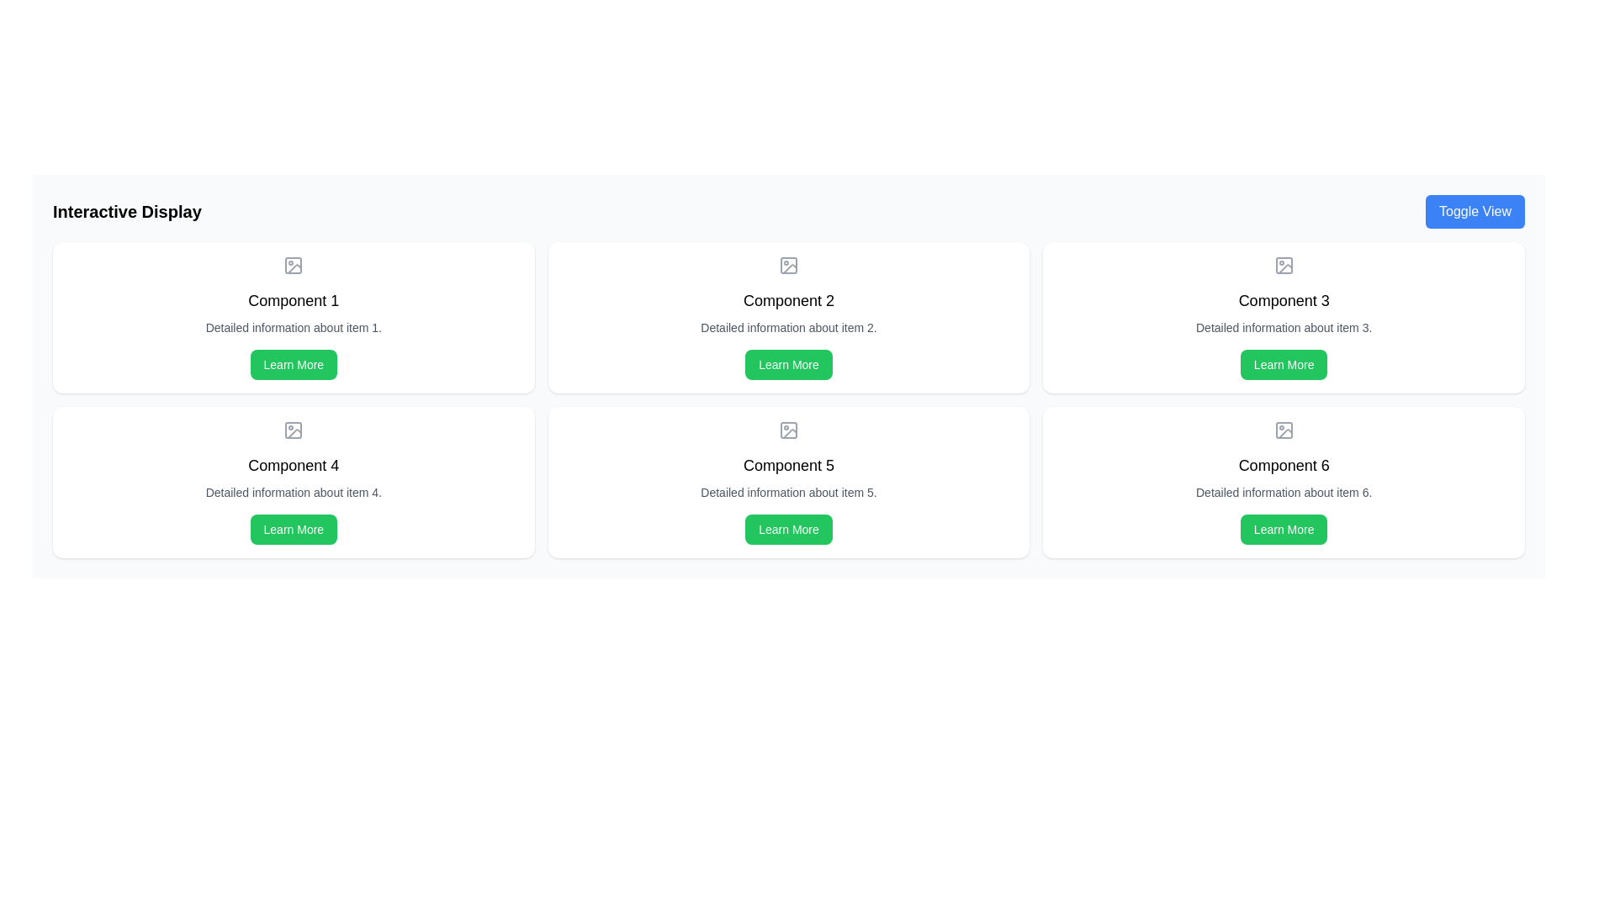 The height and width of the screenshot is (908, 1615). What do you see at coordinates (294, 483) in the screenshot?
I see `the Card UI component that provides information about 'Component 4' located in the second row, first column of the grid` at bounding box center [294, 483].